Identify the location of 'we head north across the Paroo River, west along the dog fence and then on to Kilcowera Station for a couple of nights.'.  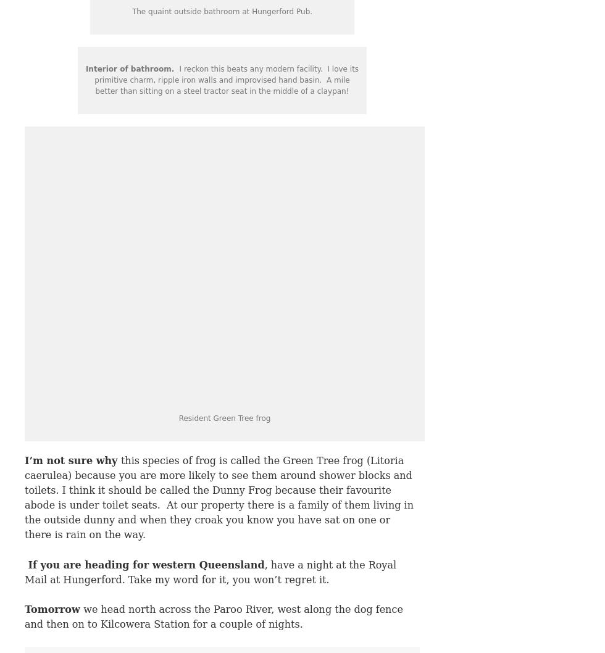
(214, 616).